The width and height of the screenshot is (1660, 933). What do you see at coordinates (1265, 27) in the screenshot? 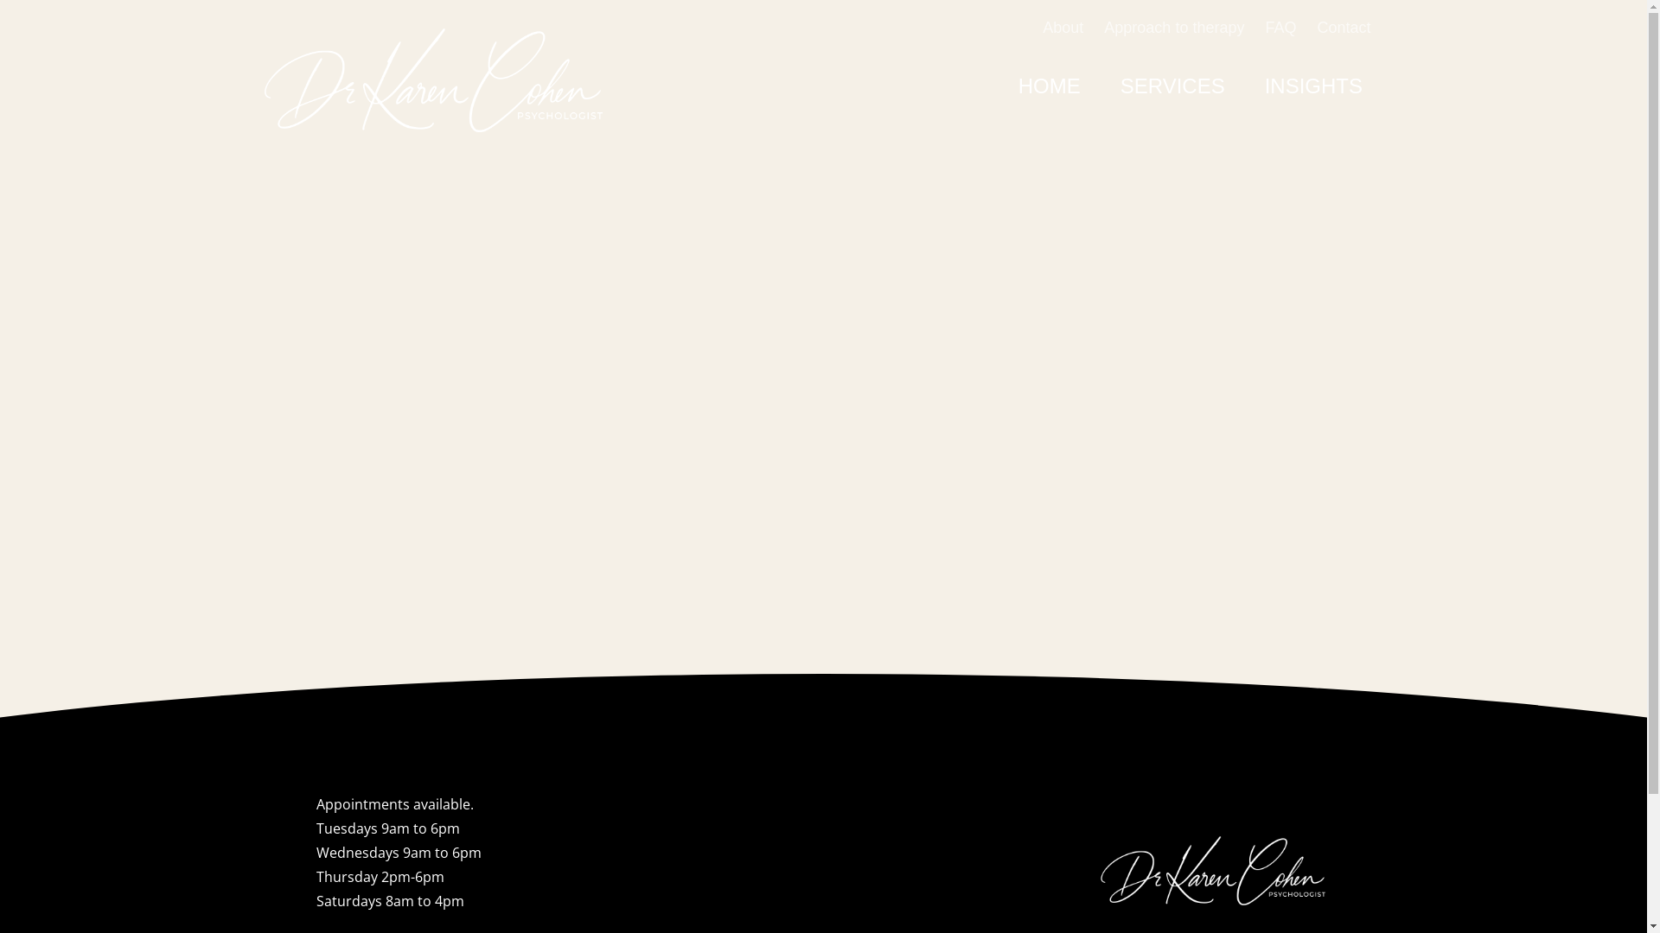
I see `'FAQ'` at bounding box center [1265, 27].